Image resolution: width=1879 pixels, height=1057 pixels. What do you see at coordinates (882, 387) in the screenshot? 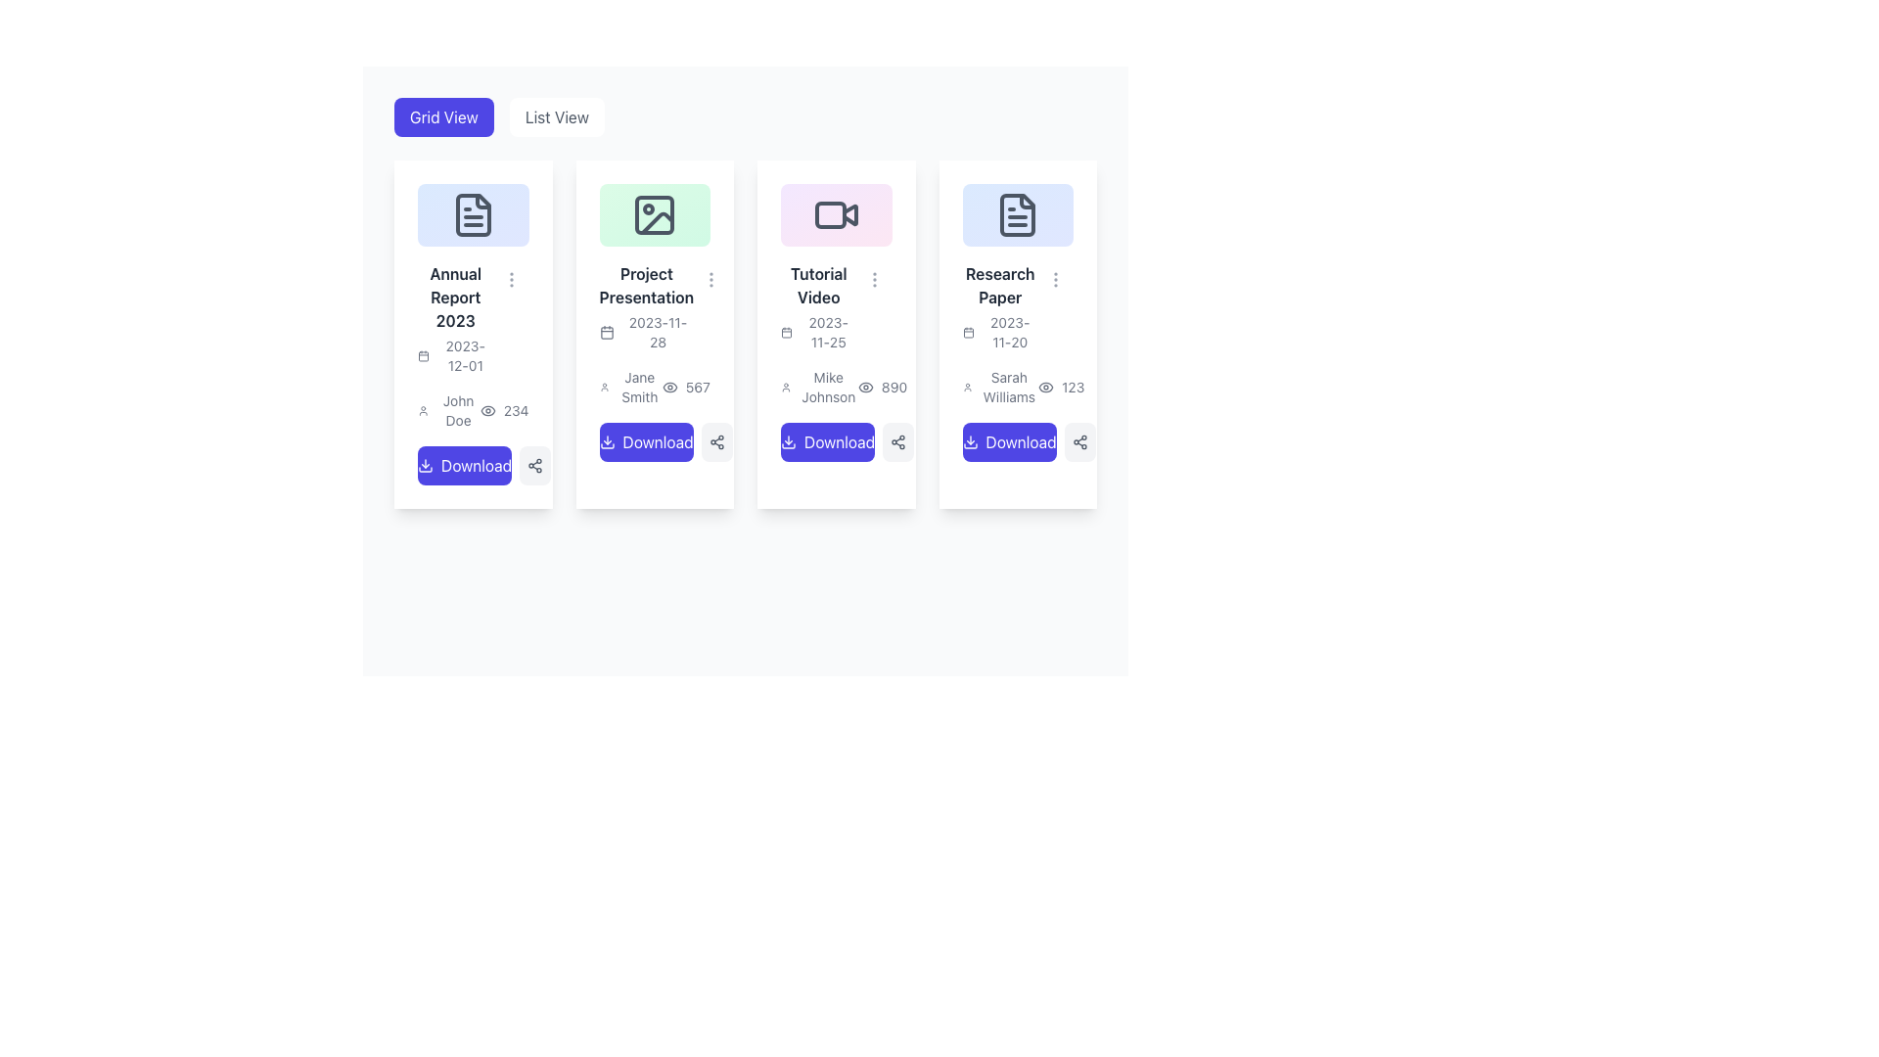
I see `the view count displayed next to 'Mike Johnson' and above the 'Download' button in the third card labeled 'Tutorial Video'` at bounding box center [882, 387].